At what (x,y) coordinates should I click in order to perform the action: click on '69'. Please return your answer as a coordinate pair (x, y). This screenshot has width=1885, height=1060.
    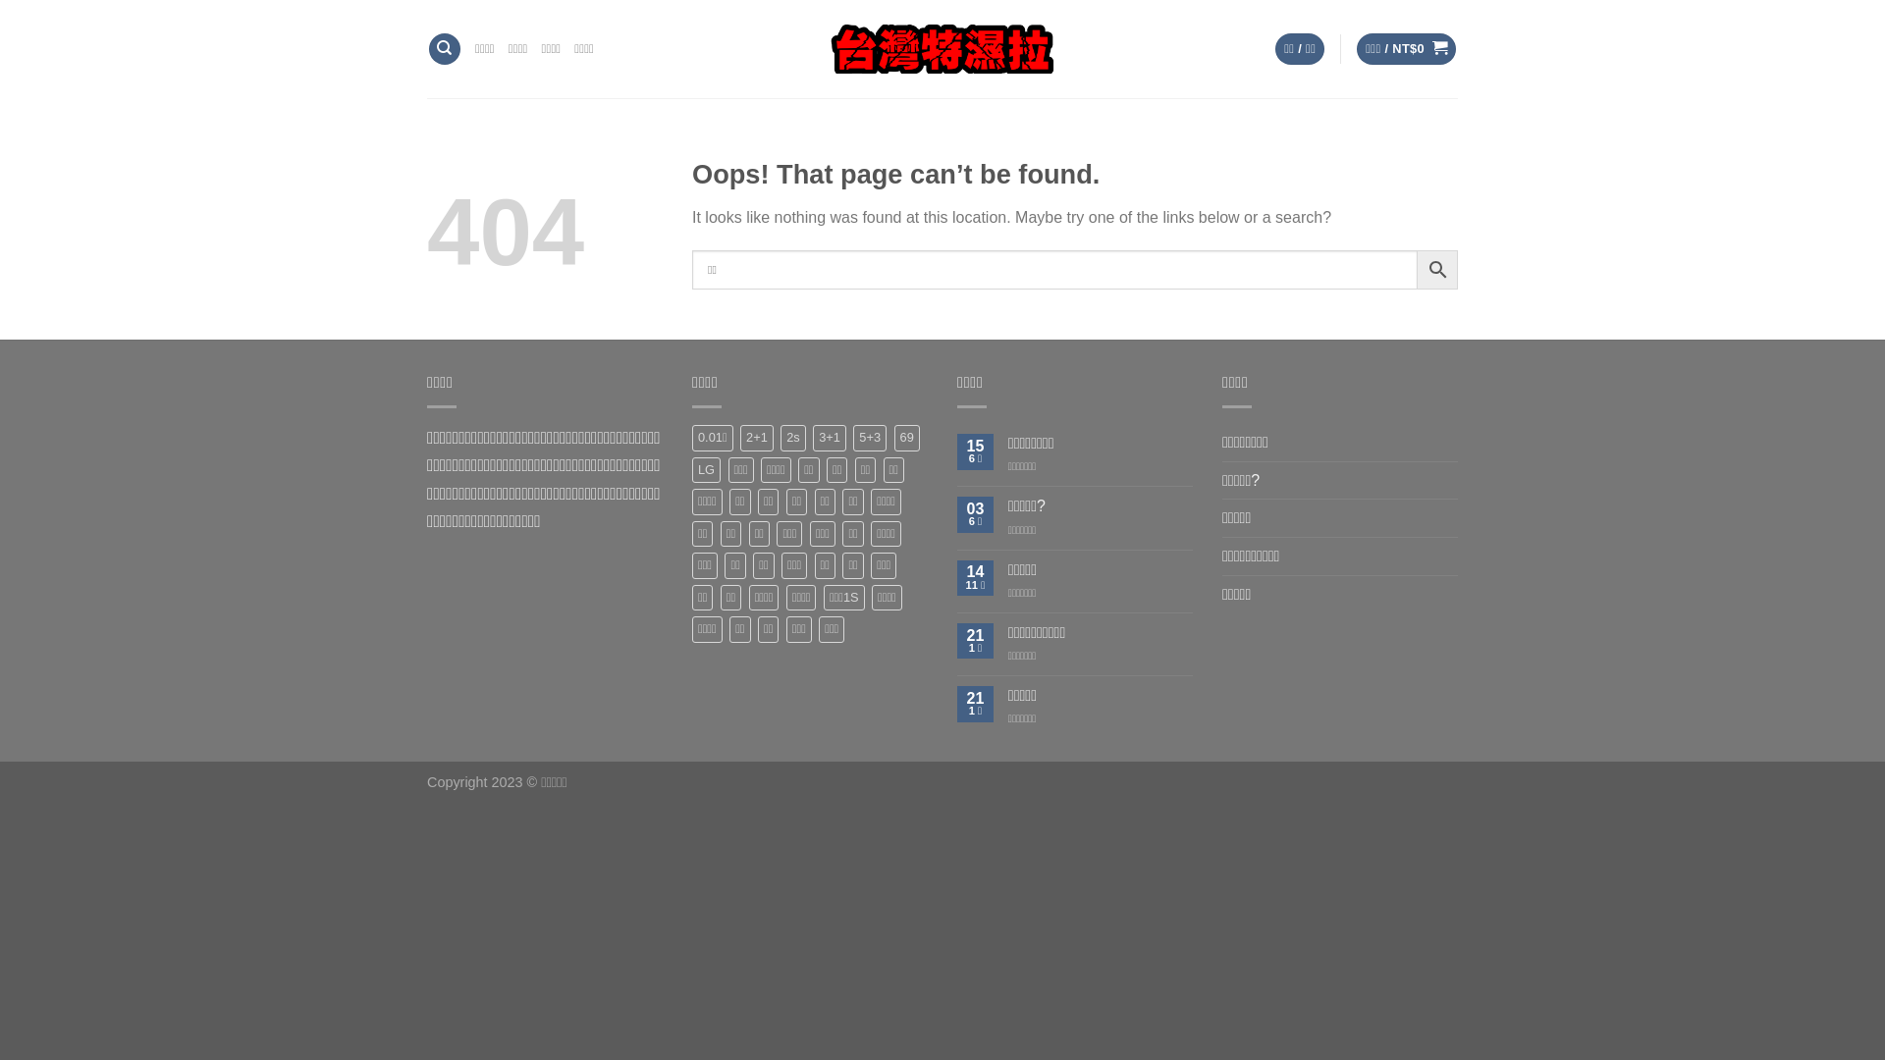
    Looking at the image, I should click on (893, 437).